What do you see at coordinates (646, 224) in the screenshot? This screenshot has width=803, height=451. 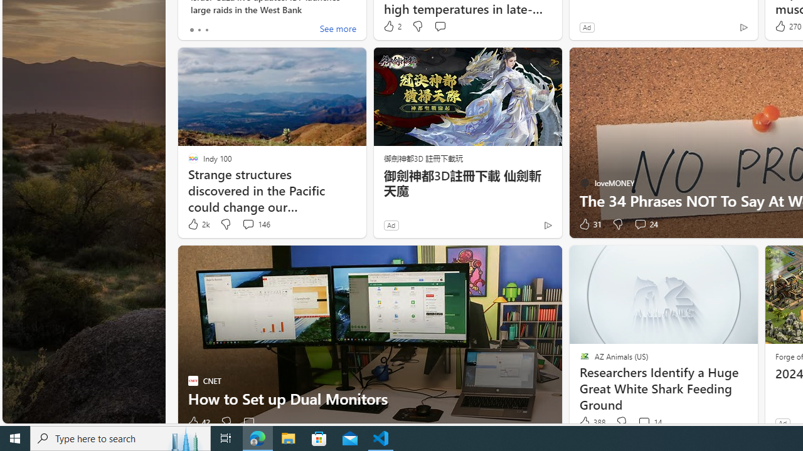 I see `'View comments 24 Comment'` at bounding box center [646, 224].